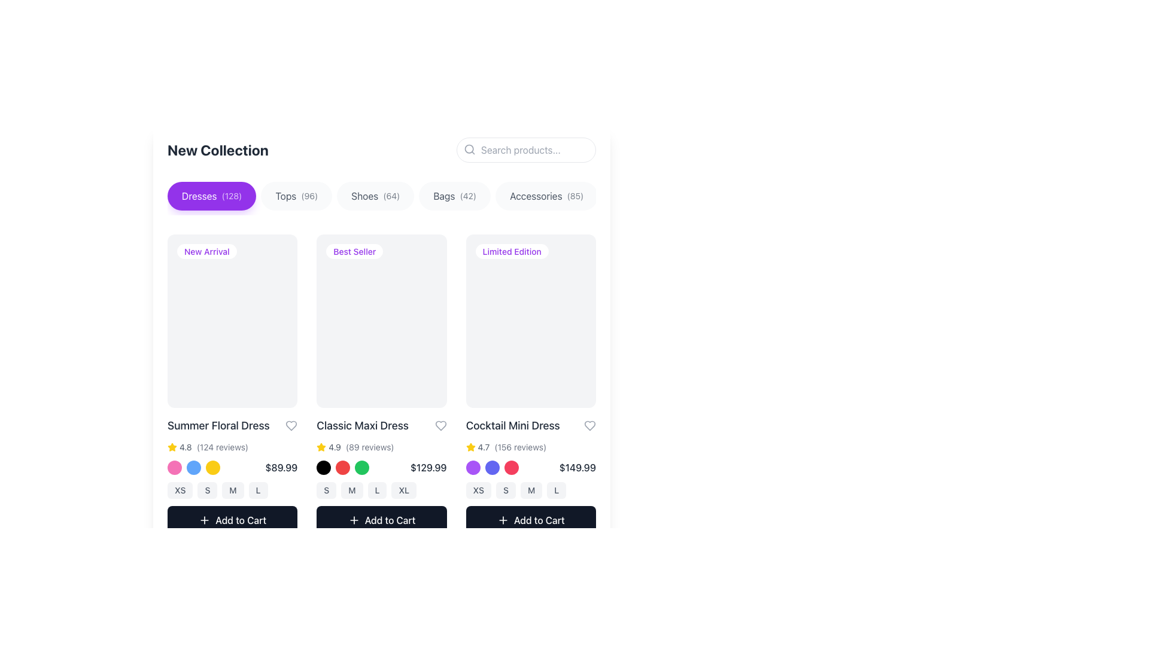 This screenshot has width=1149, height=646. Describe the element at coordinates (546, 195) in the screenshot. I see `the fifth button on the right` at that location.